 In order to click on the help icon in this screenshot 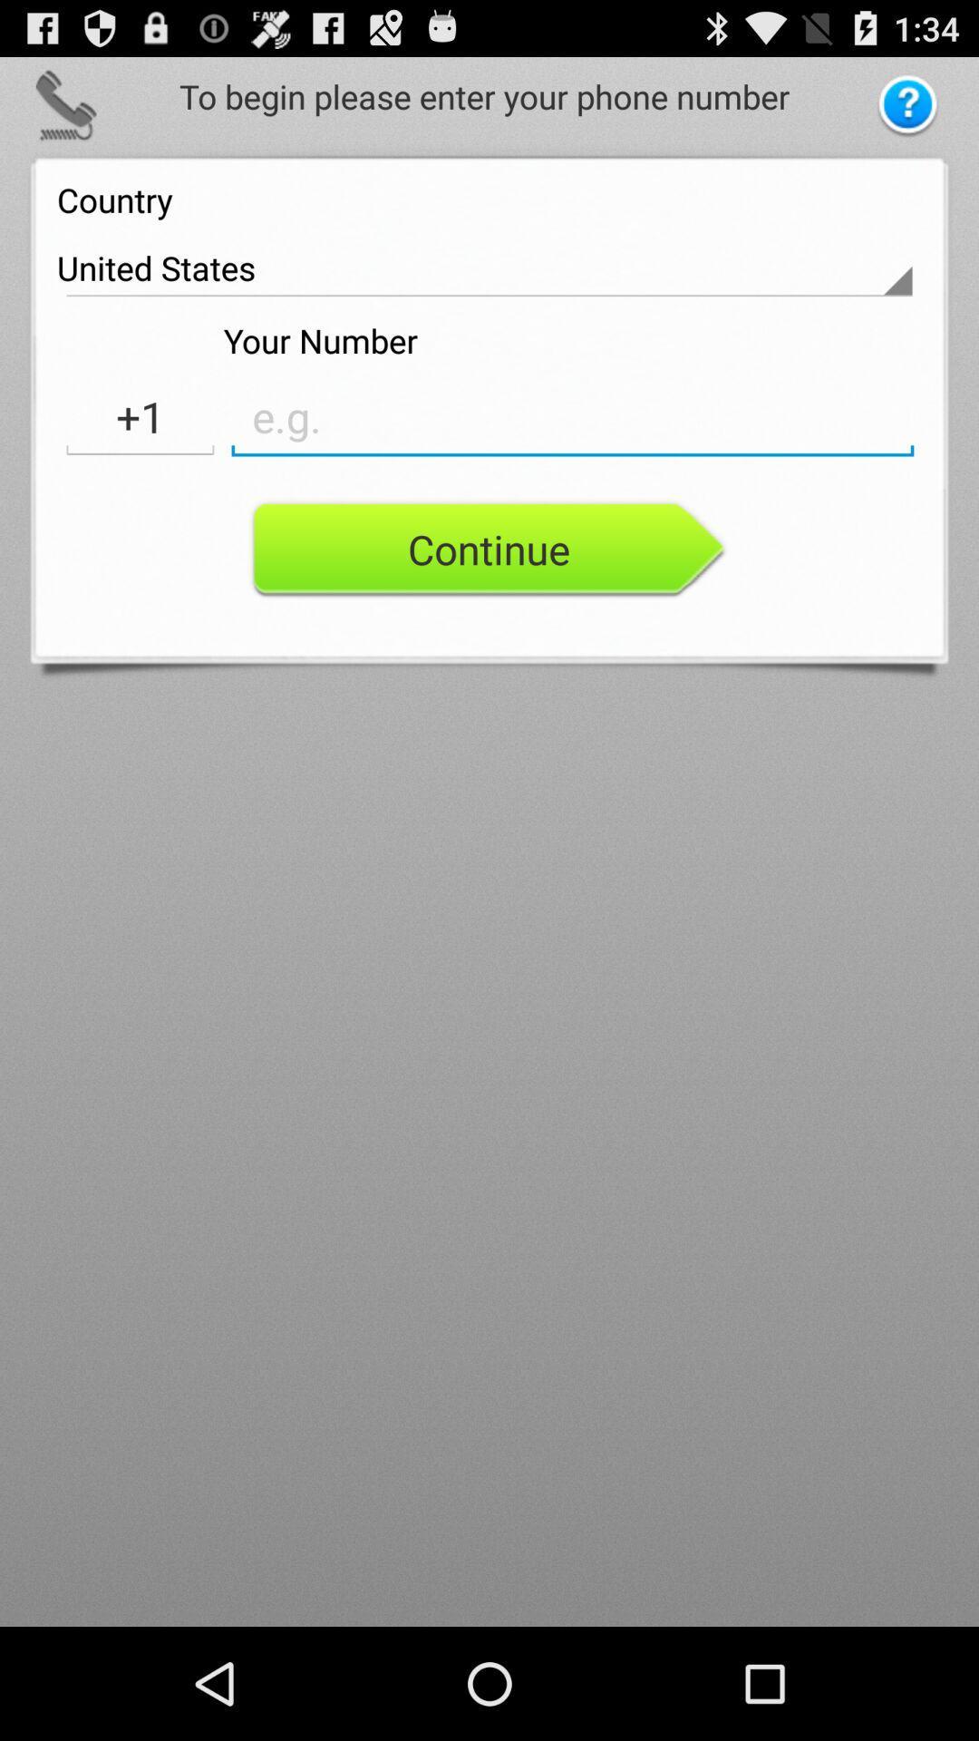, I will do `click(907, 112)`.